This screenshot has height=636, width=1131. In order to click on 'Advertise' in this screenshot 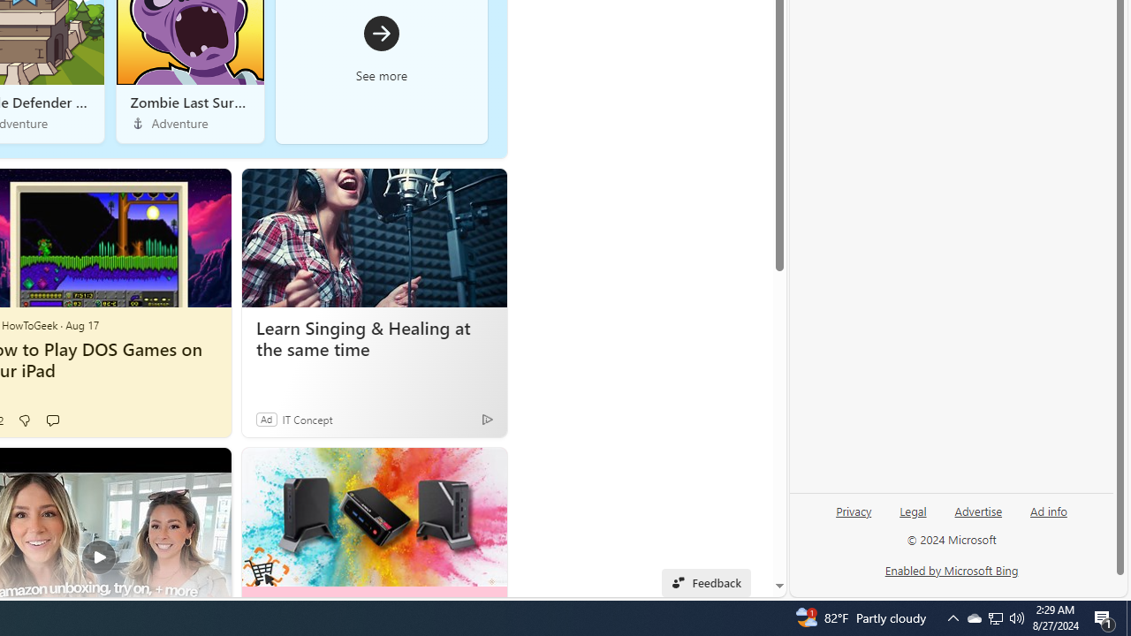, I will do `click(977, 517)`.